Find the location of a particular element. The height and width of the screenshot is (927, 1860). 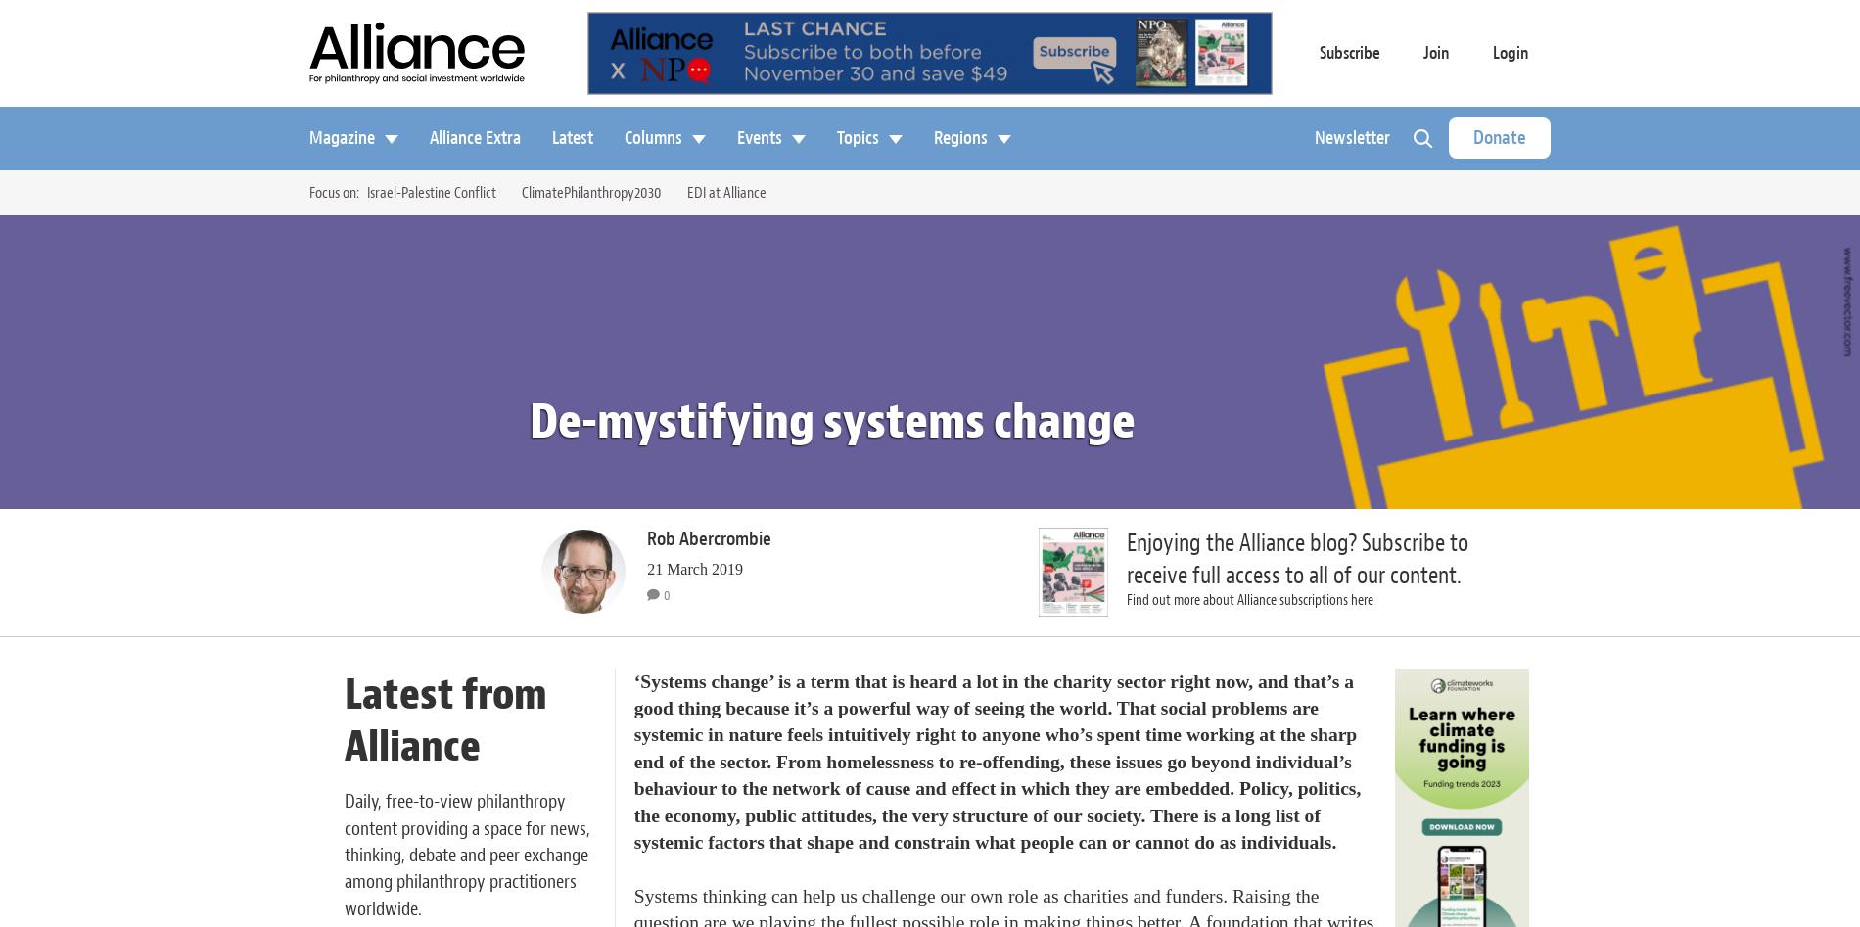

'Subscribe' is located at coordinates (1349, 52).